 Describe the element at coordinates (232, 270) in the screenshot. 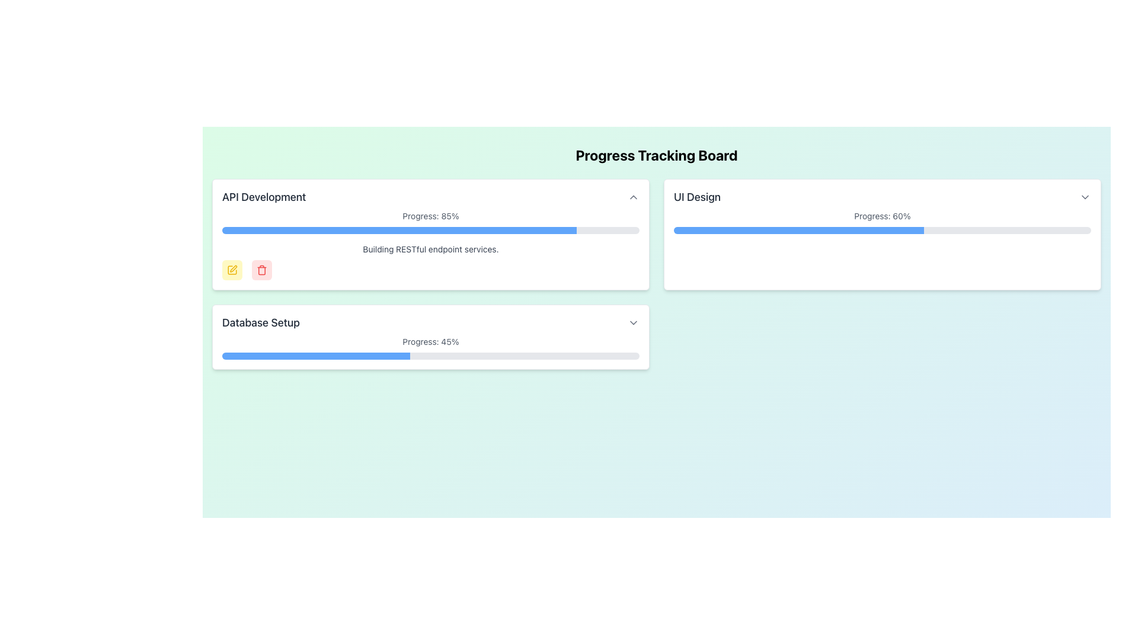

I see `the yellow pencil icon button located to the left of the red trash bin icon below the 'API Development' progress bar` at that location.